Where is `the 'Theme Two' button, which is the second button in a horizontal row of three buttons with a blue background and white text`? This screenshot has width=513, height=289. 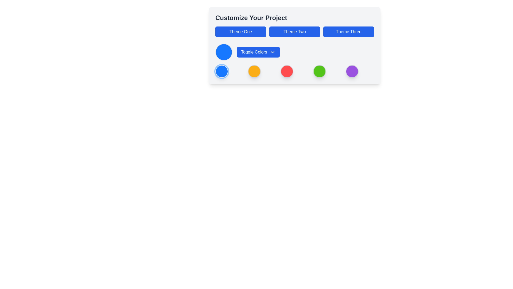 the 'Theme Two' button, which is the second button in a horizontal row of three buttons with a blue background and white text is located at coordinates (294, 32).